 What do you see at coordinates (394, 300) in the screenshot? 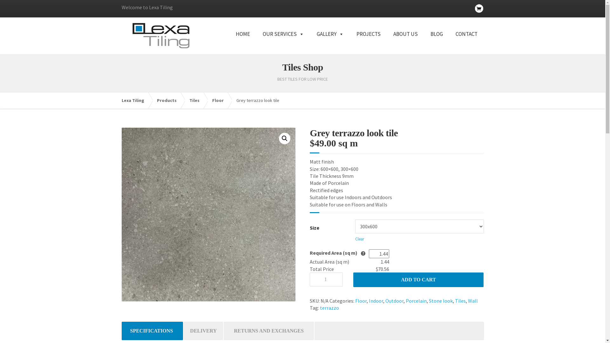
I see `'Outdoor'` at bounding box center [394, 300].